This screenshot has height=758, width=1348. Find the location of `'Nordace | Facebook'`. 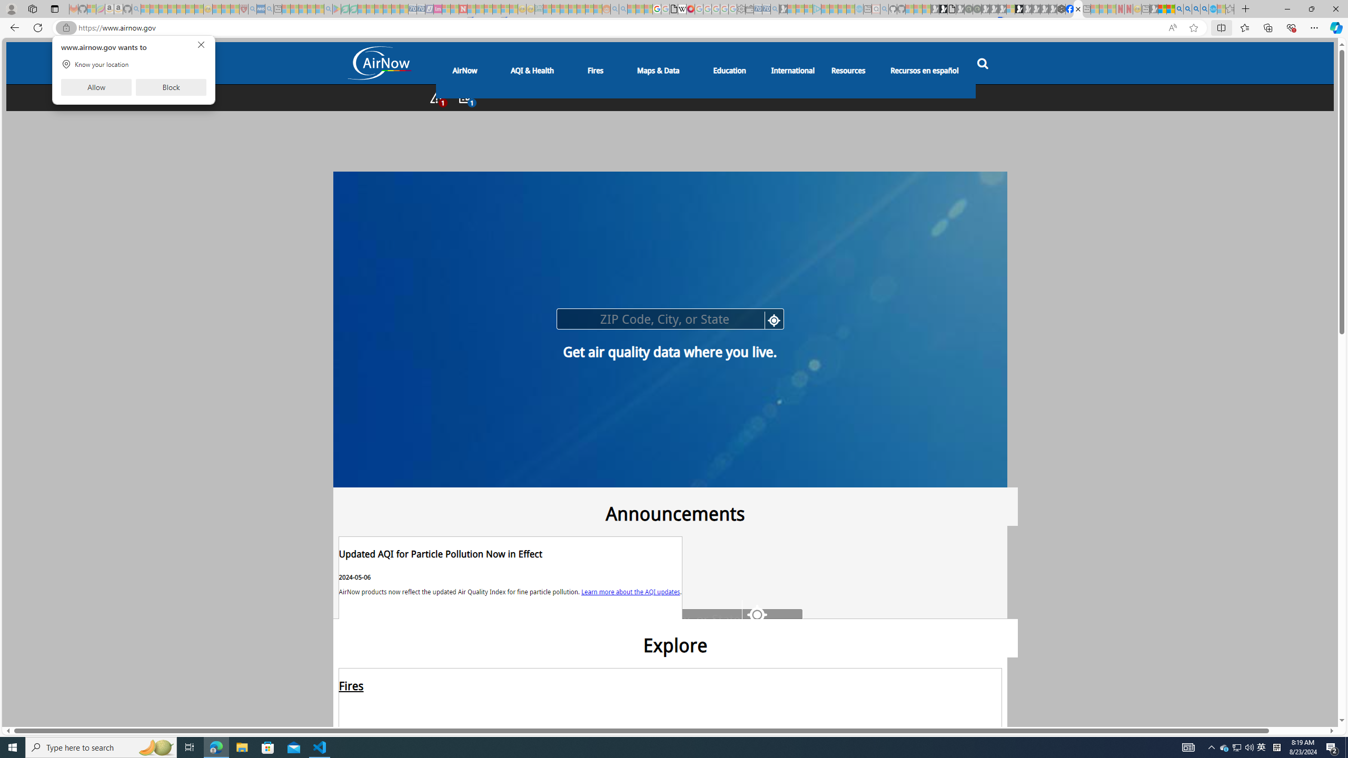

'Nordace | Facebook' is located at coordinates (1069, 8).